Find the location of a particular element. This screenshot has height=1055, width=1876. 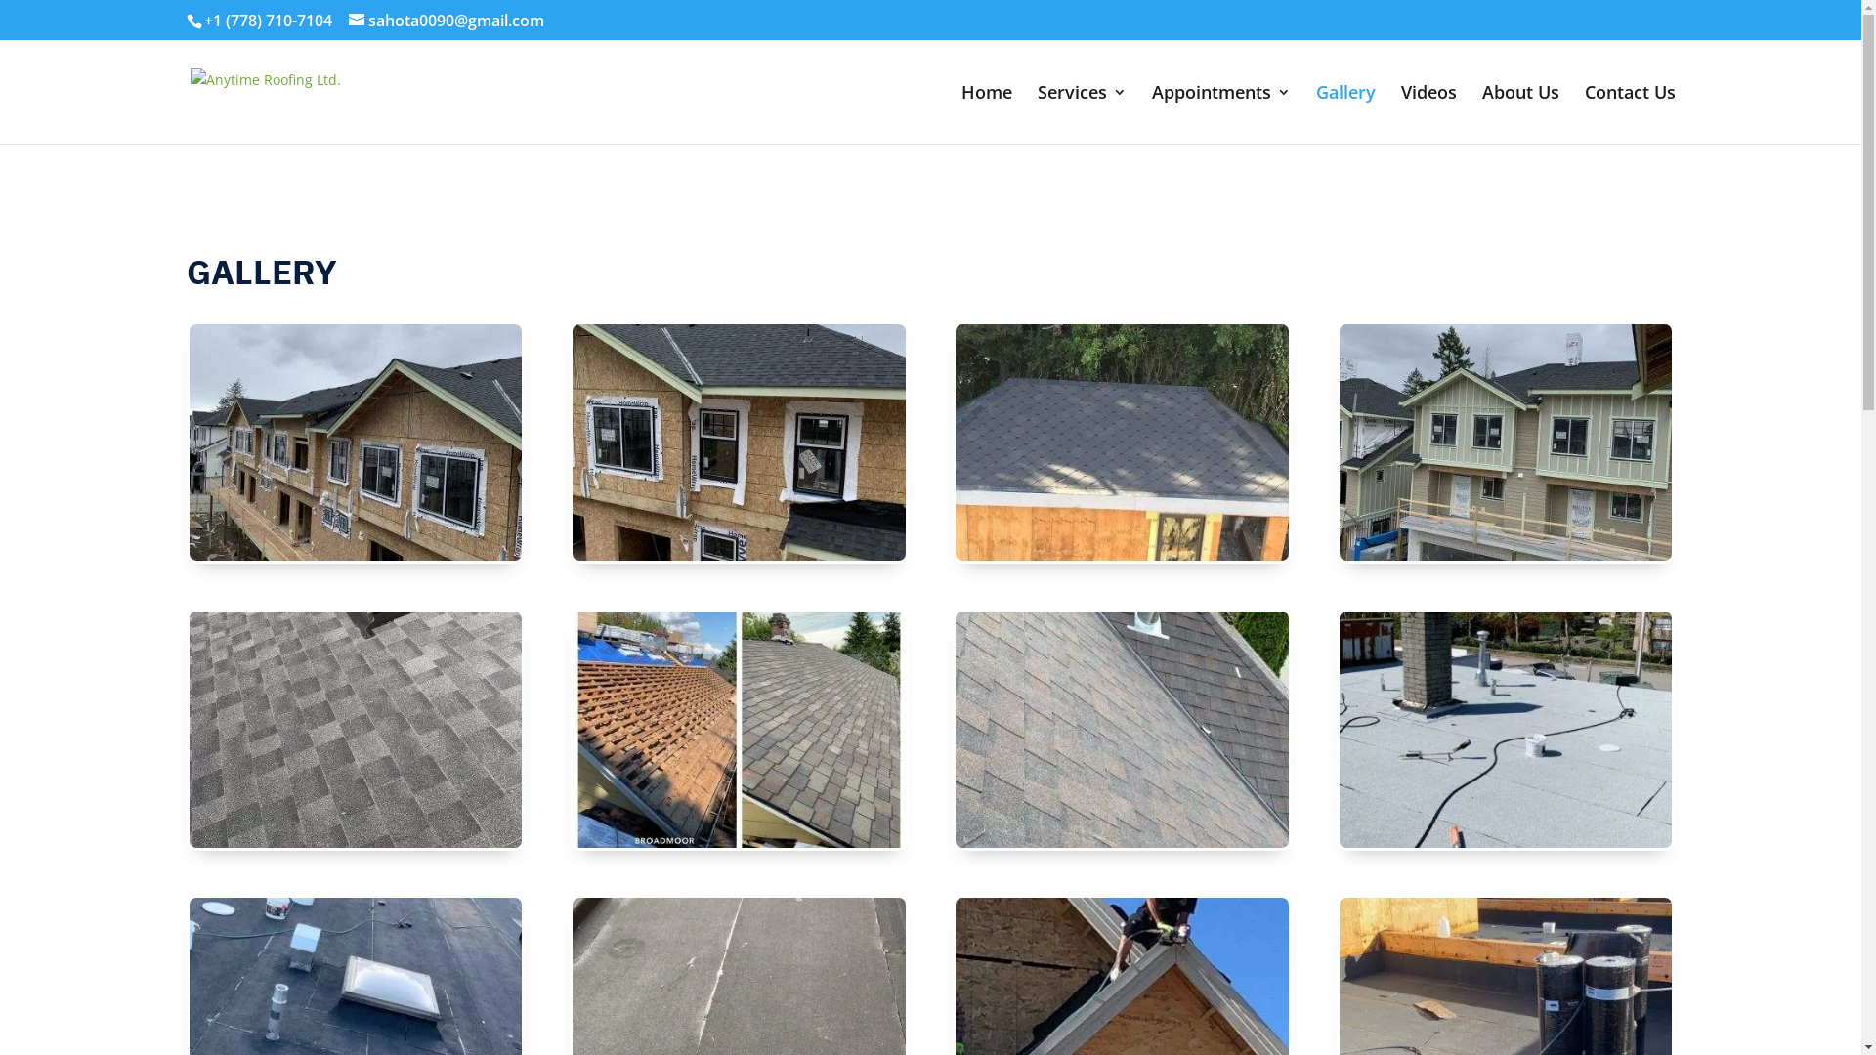

'Videos' is located at coordinates (1428, 113).